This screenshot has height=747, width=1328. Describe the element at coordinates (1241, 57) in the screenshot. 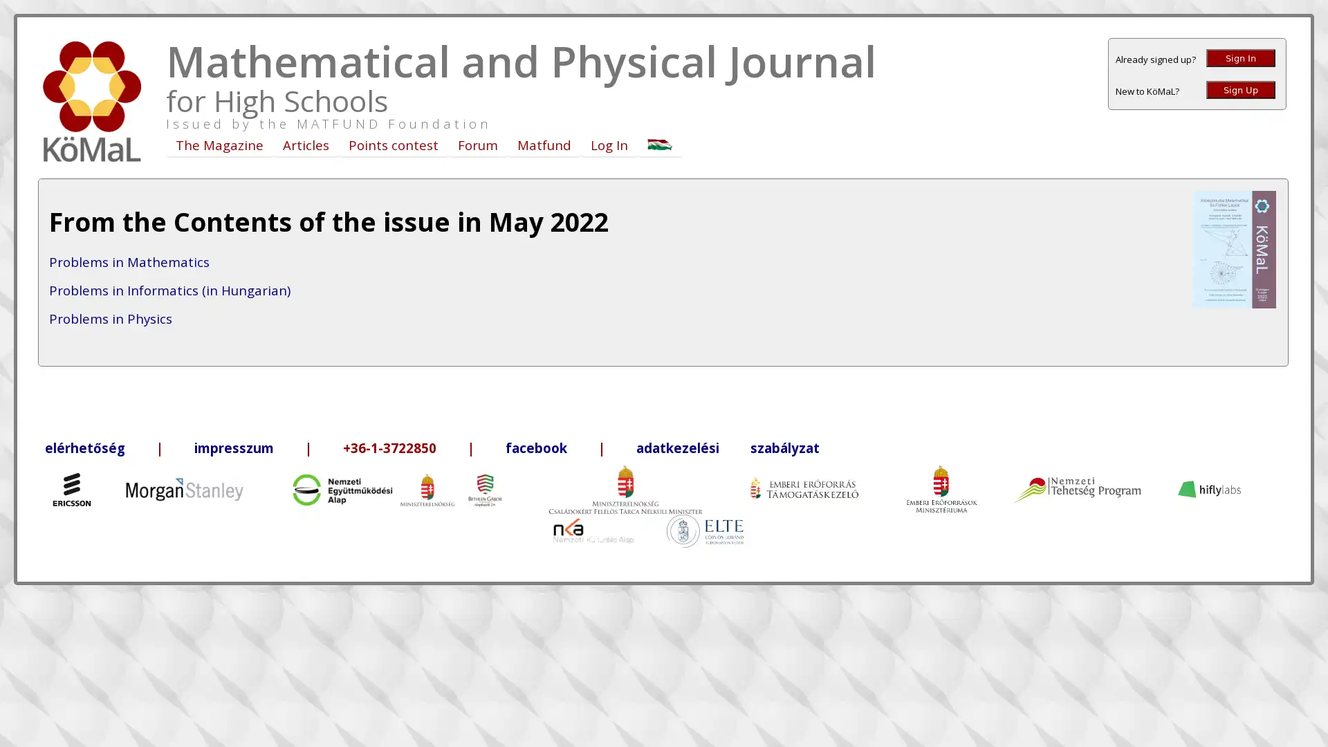

I see `Sign In` at that location.